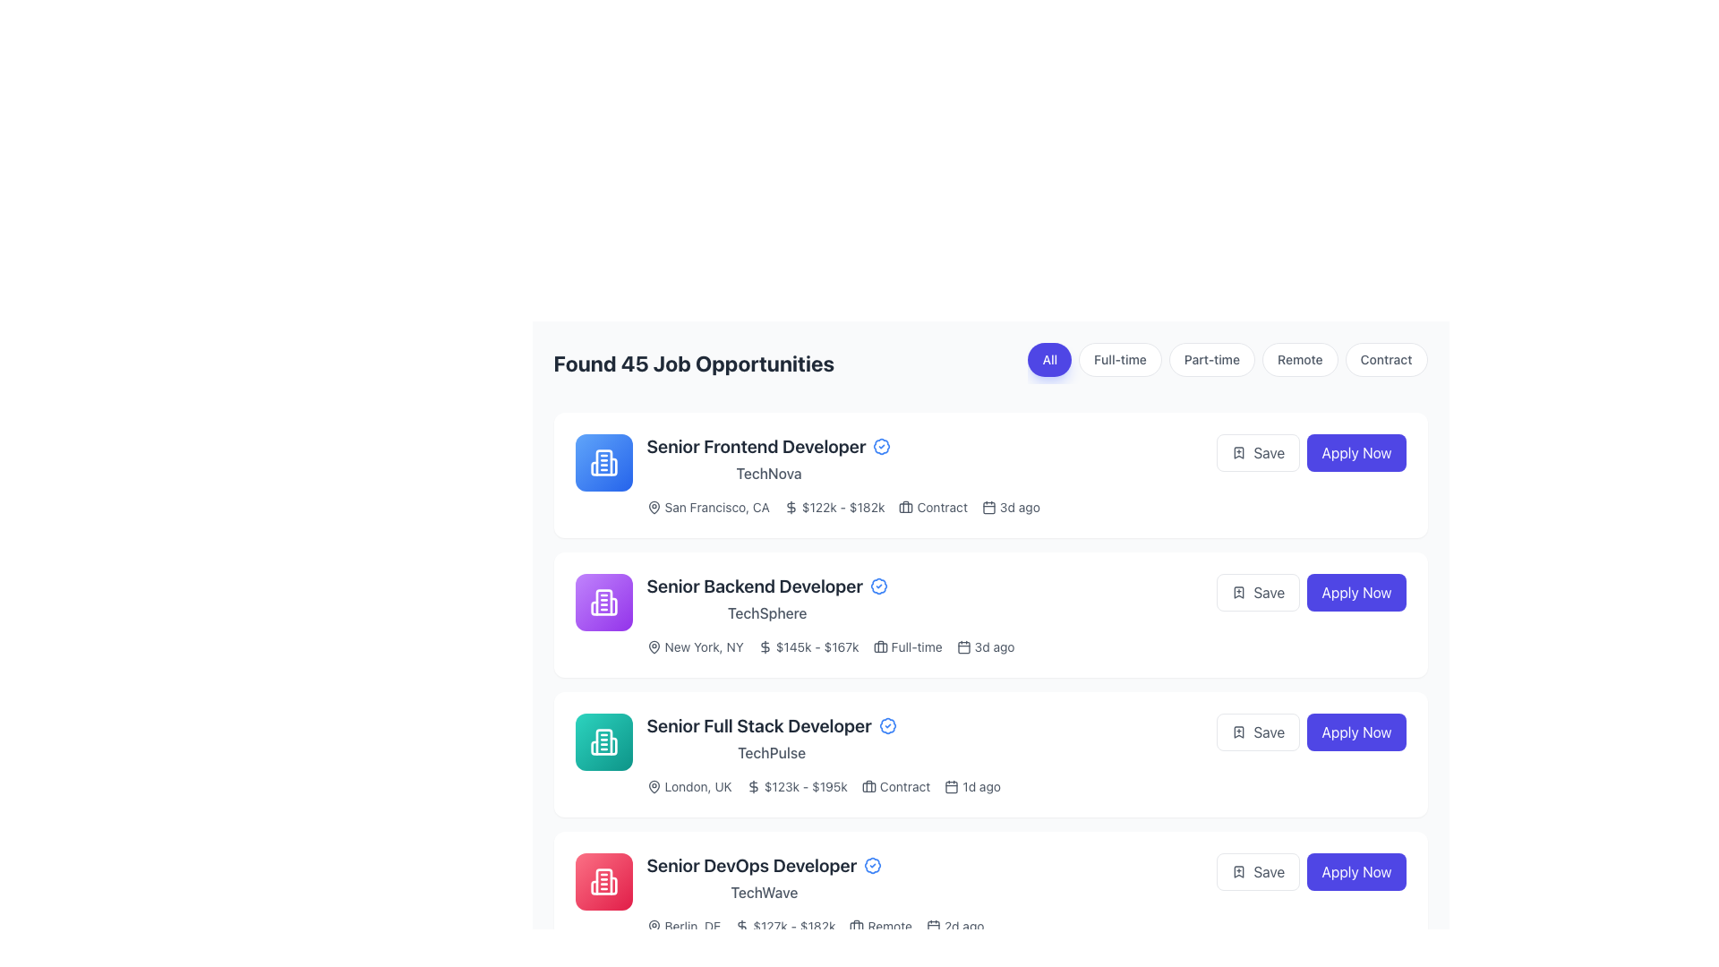 This screenshot has width=1719, height=967. What do you see at coordinates (772, 725) in the screenshot?
I see `the 'Senior Full Stack Developer' text label with the blue checkmark icon in the third card of job postings` at bounding box center [772, 725].